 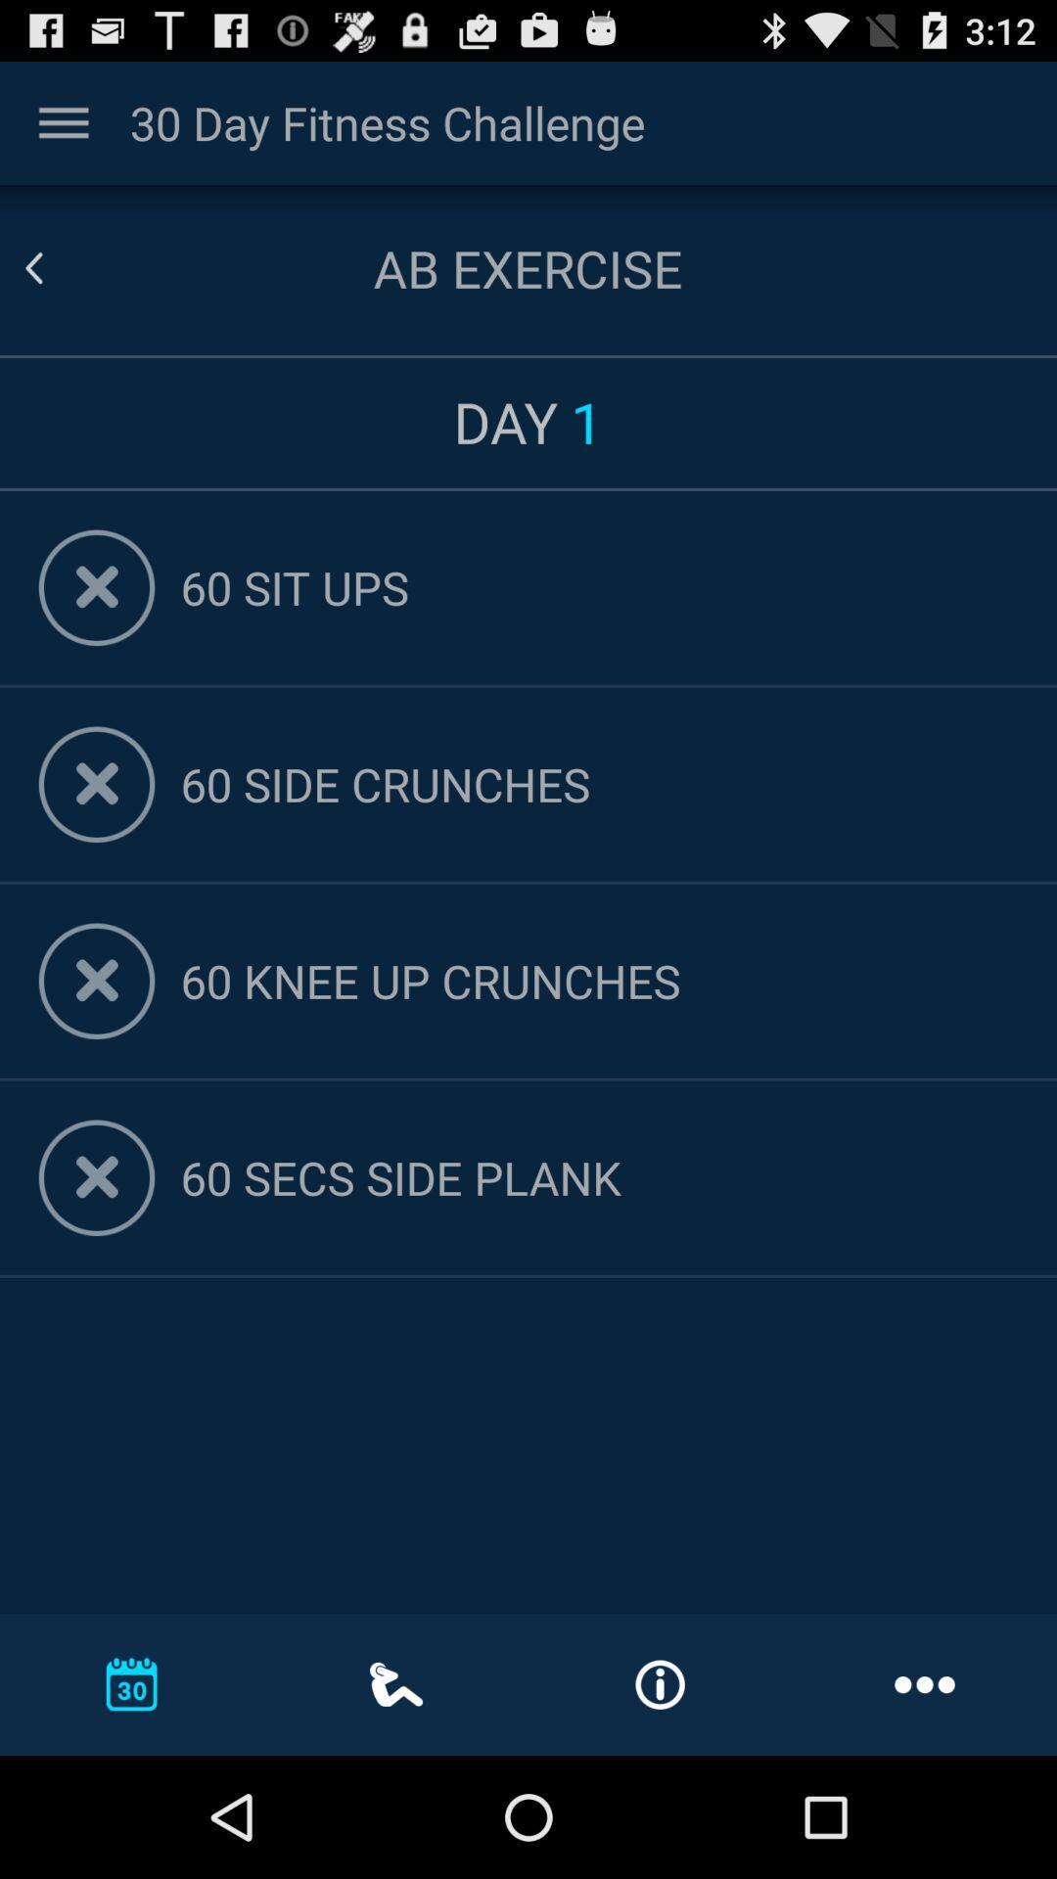 What do you see at coordinates (97, 981) in the screenshot?
I see `remove this exercice` at bounding box center [97, 981].